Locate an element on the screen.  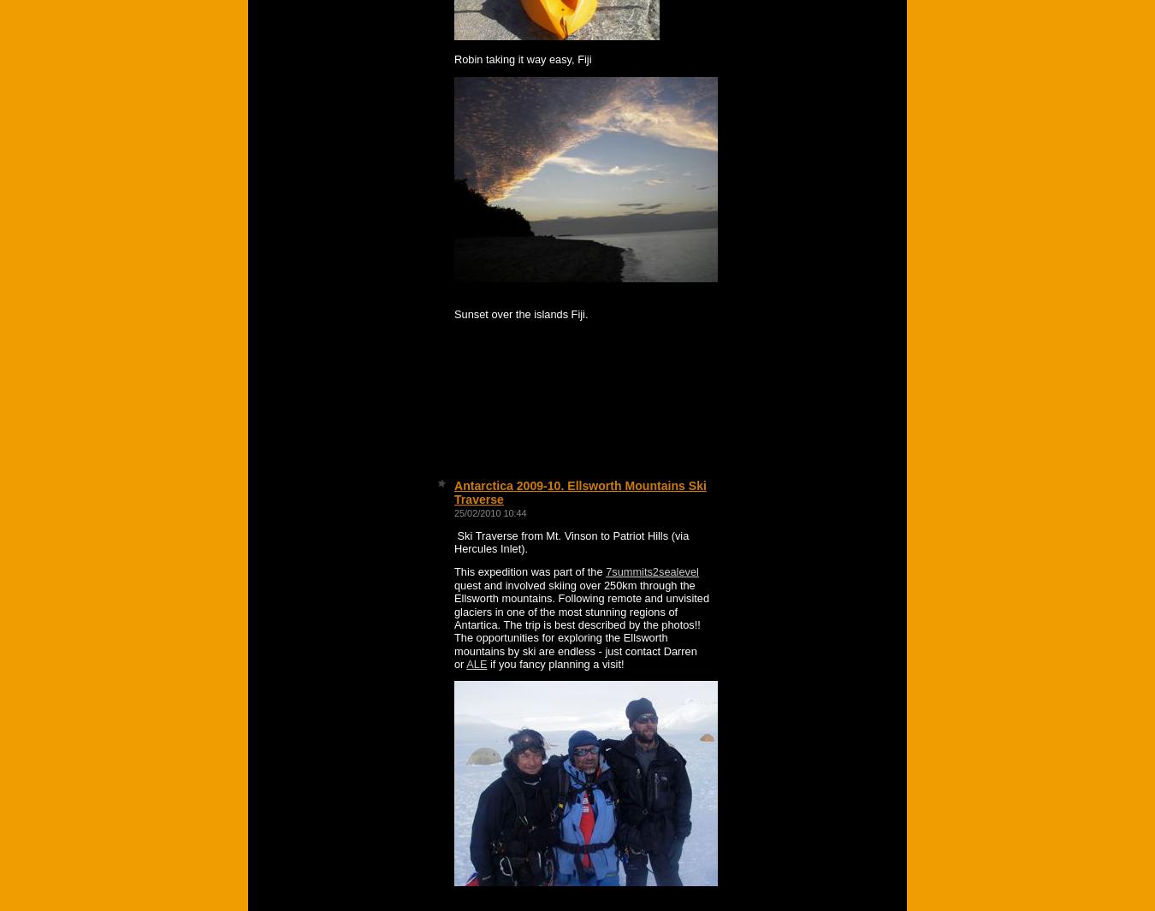
'Sunset over the islands Fiji.' is located at coordinates (520, 313).